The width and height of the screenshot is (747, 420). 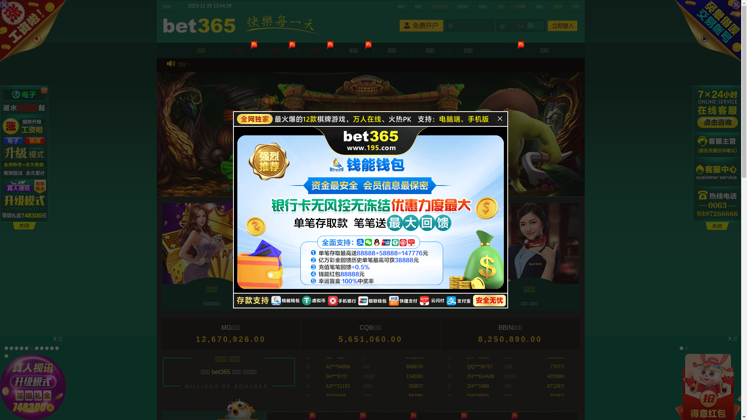 I want to click on '4', so click(x=21, y=348).